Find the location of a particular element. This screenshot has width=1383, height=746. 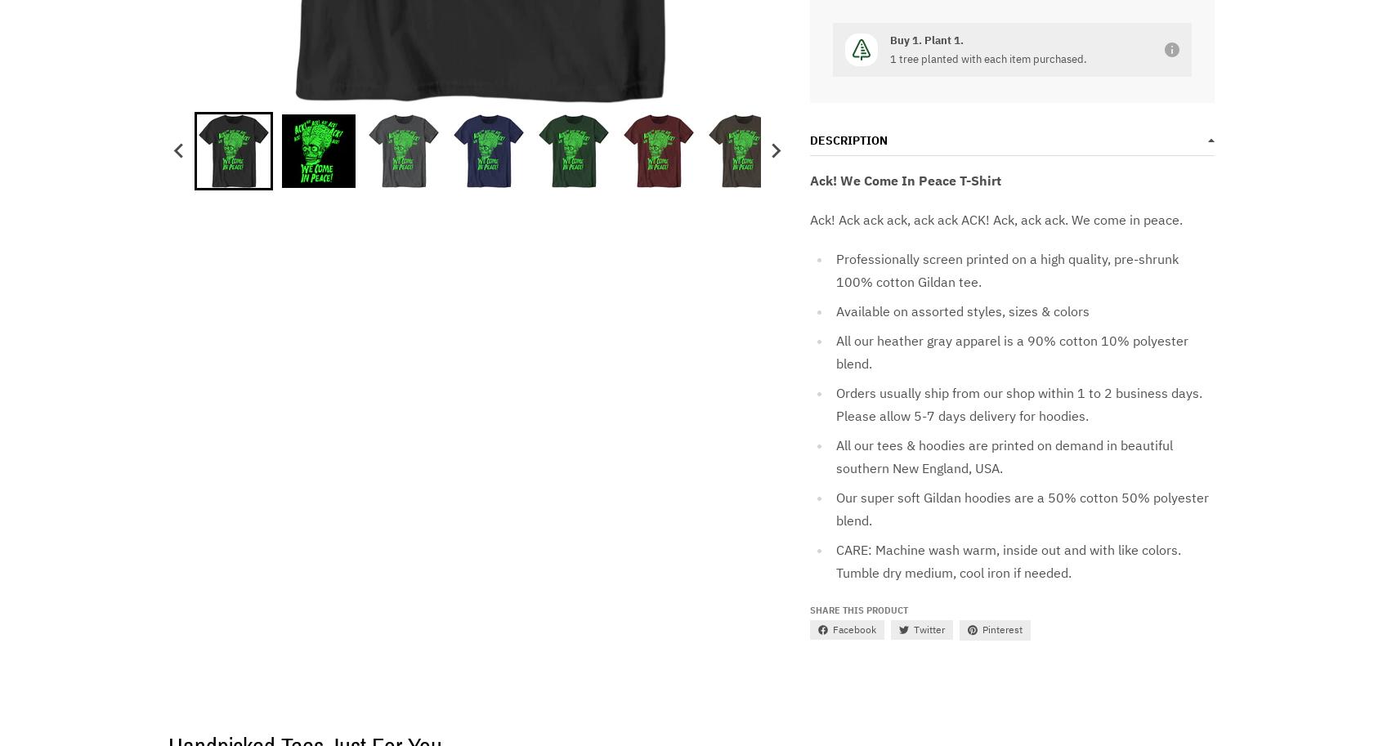

'Buy 1. Plant 1.' is located at coordinates (924, 38).